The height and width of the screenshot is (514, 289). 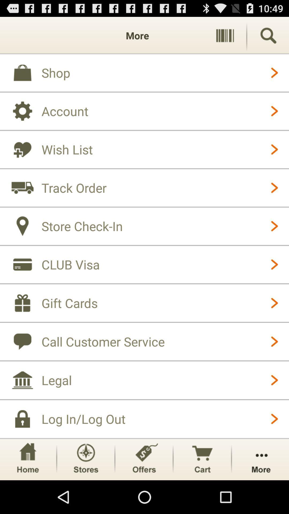 I want to click on the more icon, so click(x=261, y=491).